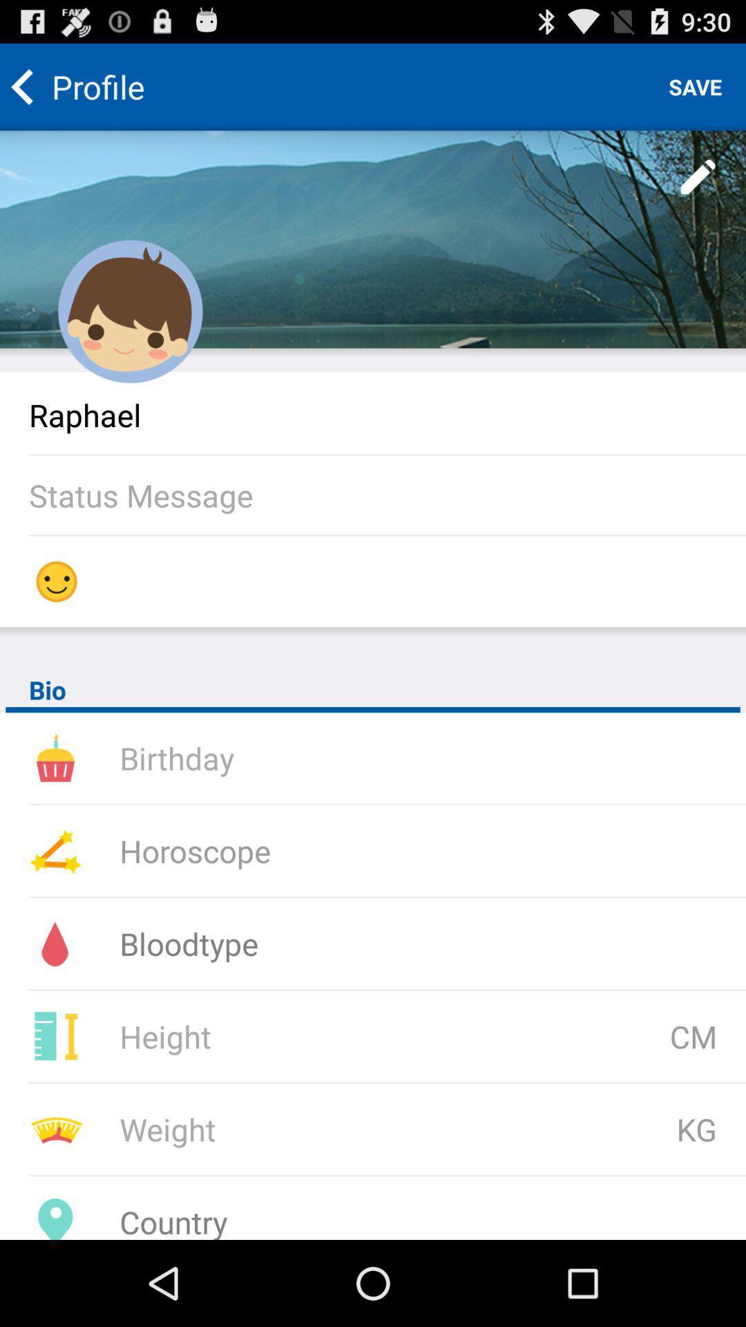 This screenshot has height=1327, width=746. I want to click on weight, so click(300, 1129).